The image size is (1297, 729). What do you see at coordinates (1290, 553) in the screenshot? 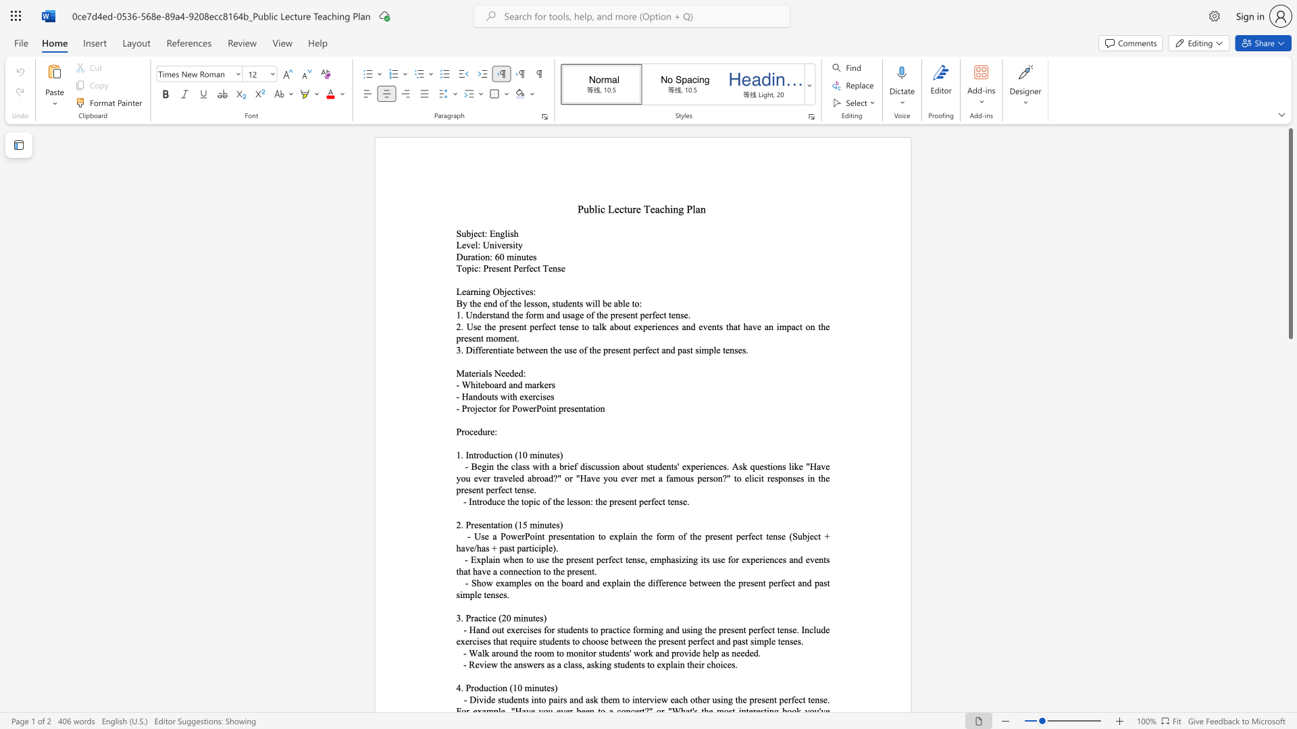
I see `the scrollbar to adjust the page downward` at bounding box center [1290, 553].